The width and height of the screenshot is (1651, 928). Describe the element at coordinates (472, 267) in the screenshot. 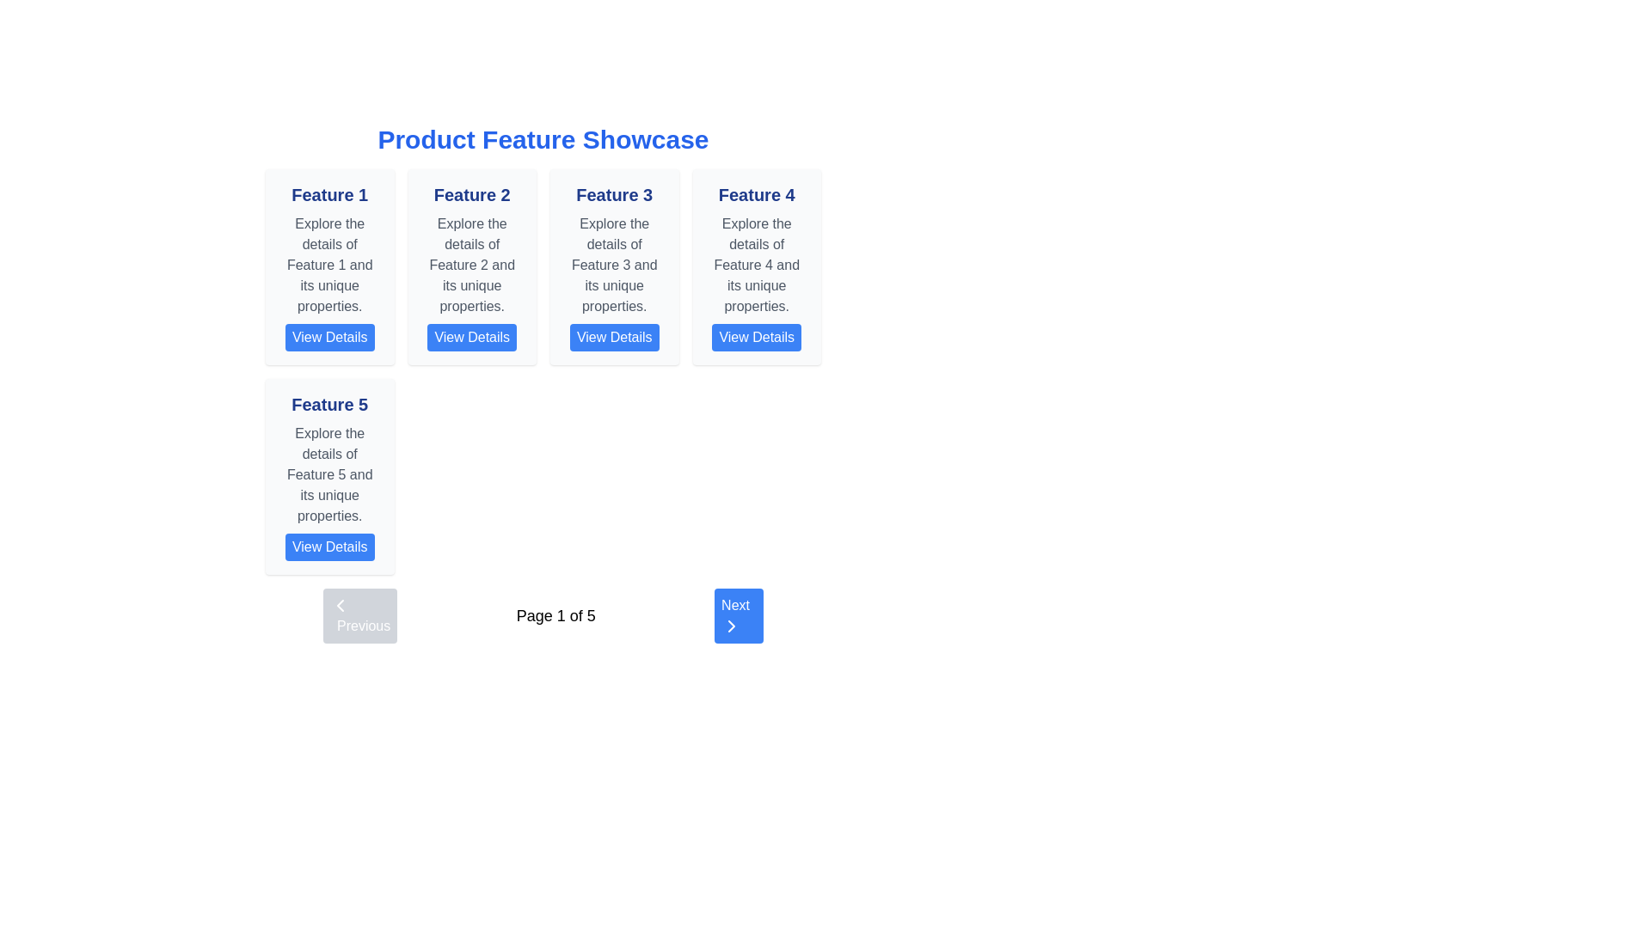

I see `the title of the Informational Card which is the second feature card in the grid to focus` at that location.